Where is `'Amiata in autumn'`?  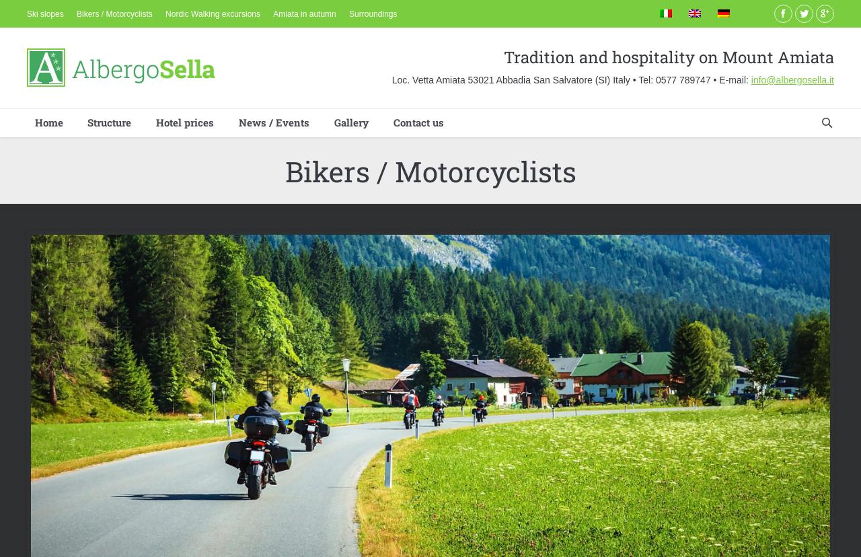
'Amiata in autumn' is located at coordinates (303, 13).